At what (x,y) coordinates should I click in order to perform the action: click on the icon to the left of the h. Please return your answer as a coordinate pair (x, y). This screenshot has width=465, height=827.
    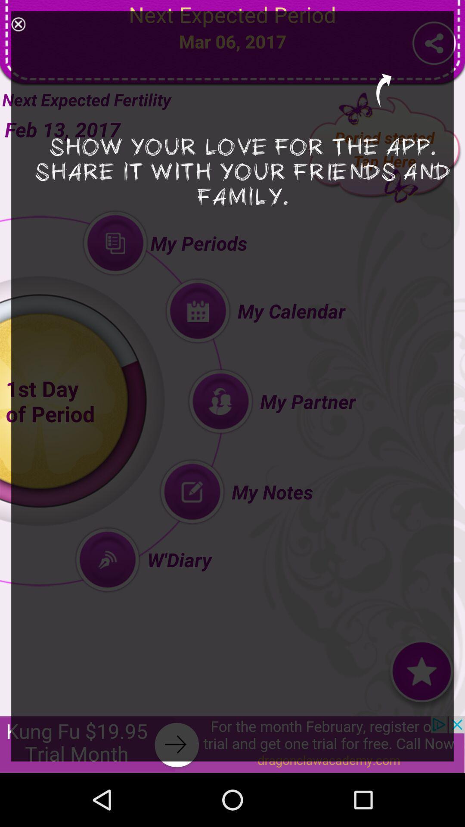
    Looking at the image, I should click on (18, 24).